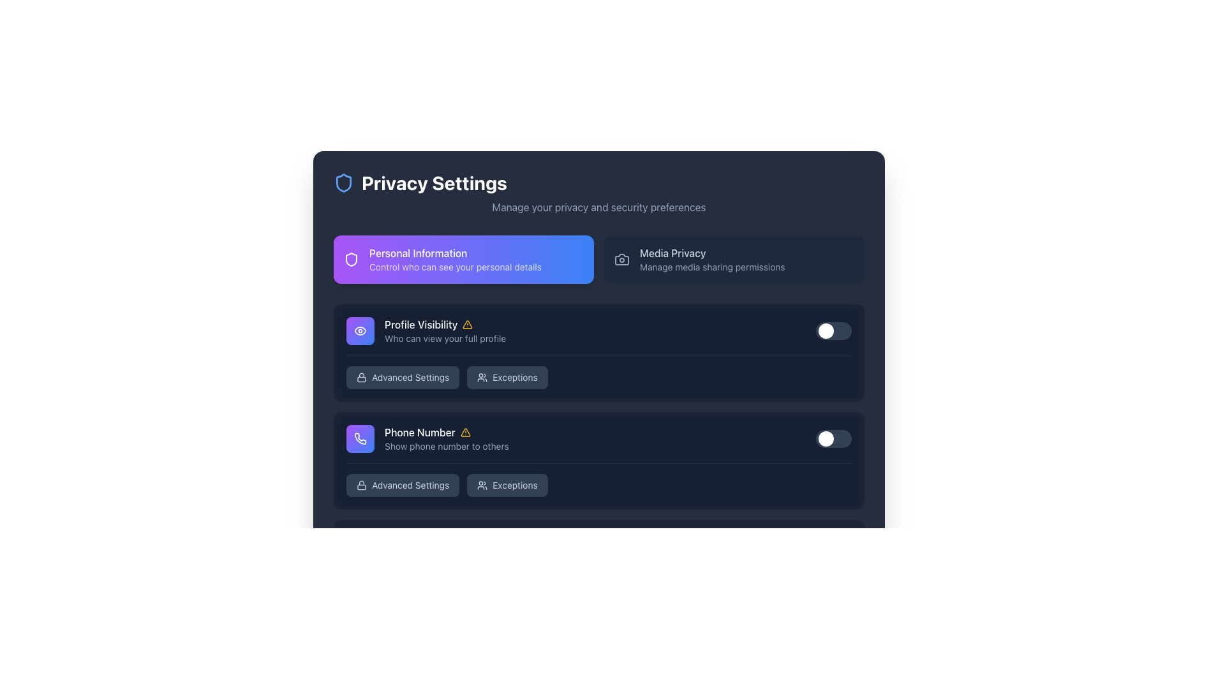  Describe the element at coordinates (711, 259) in the screenshot. I see `the text block indicating media privacy settings, which is the second item in the row at the top of the interface, located to the right of the 'Personal Information' section` at that location.